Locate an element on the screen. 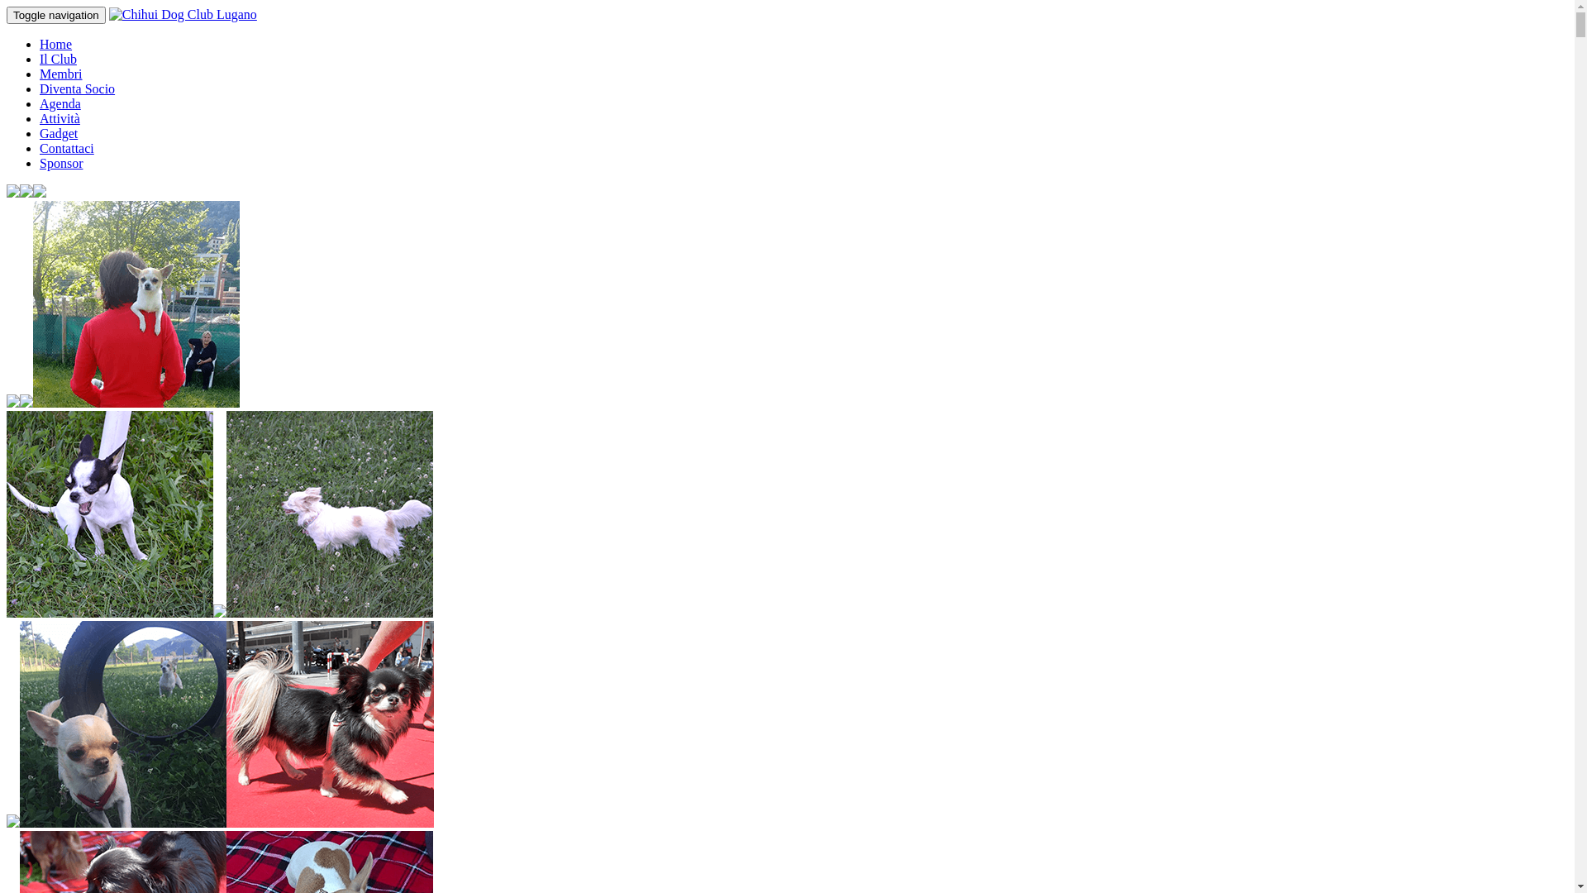 This screenshot has height=893, width=1587. 'Sponsor' is located at coordinates (60, 163).